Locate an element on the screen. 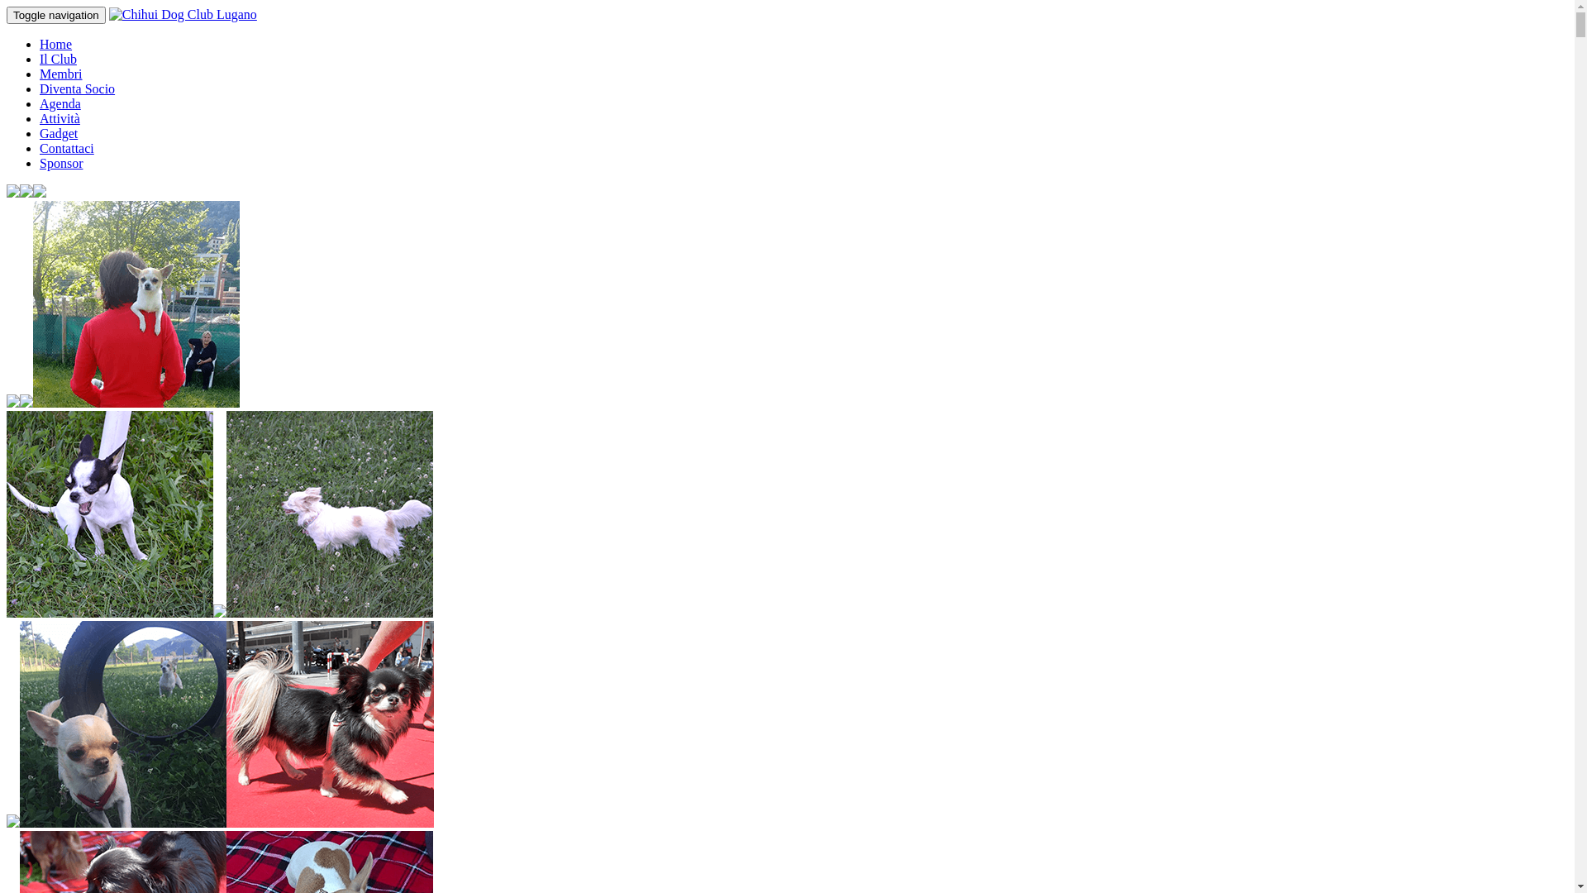 This screenshot has height=893, width=1587. 'Sponsor' is located at coordinates (60, 163).